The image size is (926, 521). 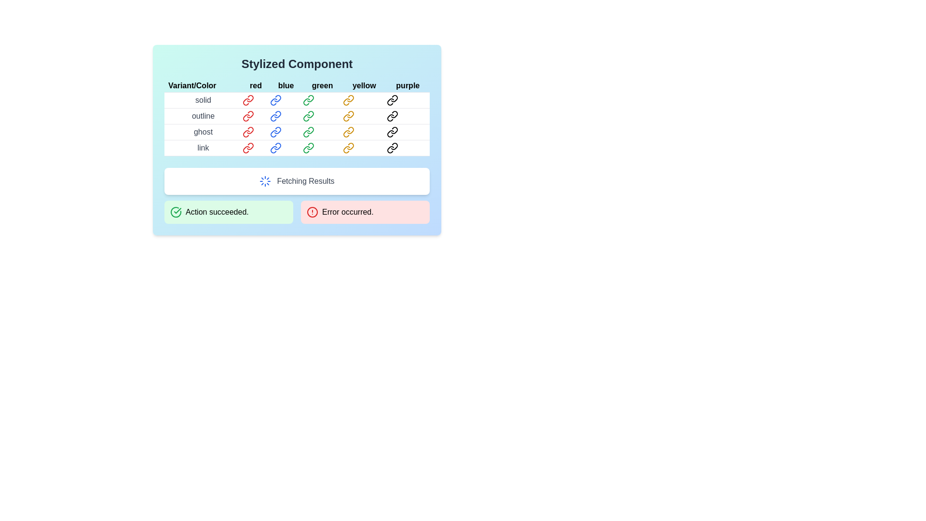 I want to click on the red link icon in the first row under the 'red' column of the 'Styled Component' table, so click(x=256, y=100).